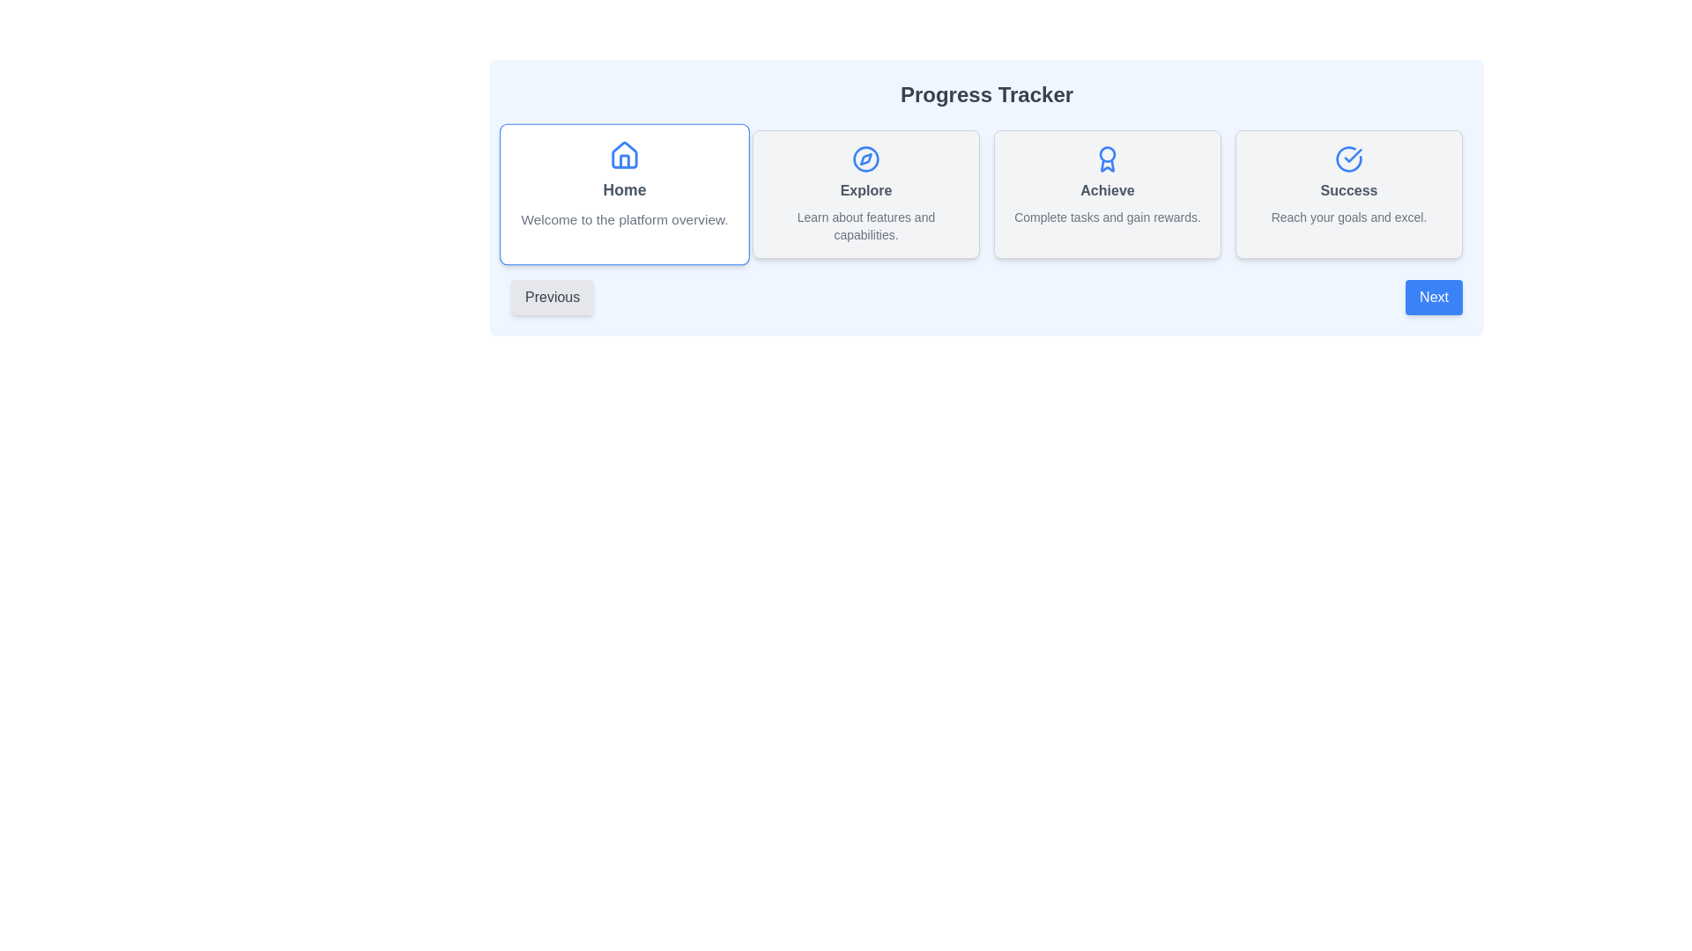  What do you see at coordinates (1107, 159) in the screenshot?
I see `the presence of the achievement icon located in the 'Achieve' card by clicking on it, which serves as a visual indicator of completing tasks for rewards` at bounding box center [1107, 159].